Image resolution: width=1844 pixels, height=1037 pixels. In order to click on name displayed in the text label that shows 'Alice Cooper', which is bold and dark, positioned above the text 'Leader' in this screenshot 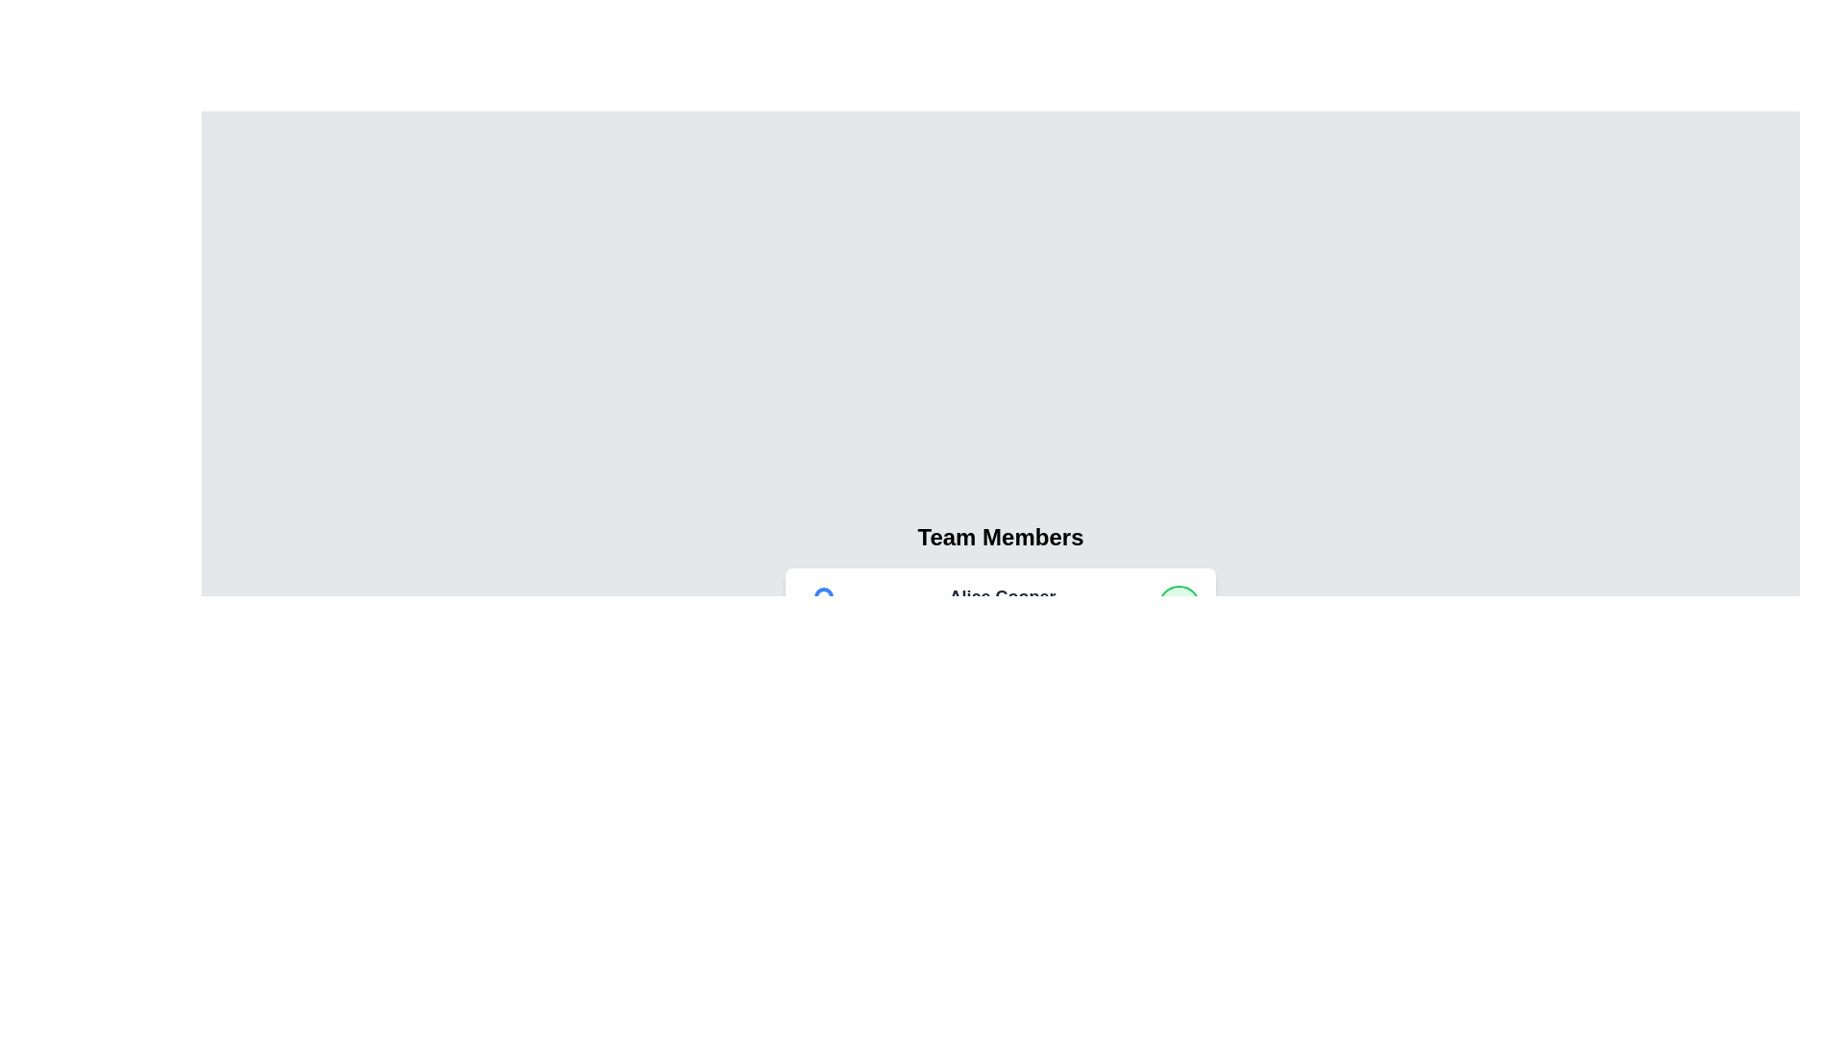, I will do `click(1001, 595)`.